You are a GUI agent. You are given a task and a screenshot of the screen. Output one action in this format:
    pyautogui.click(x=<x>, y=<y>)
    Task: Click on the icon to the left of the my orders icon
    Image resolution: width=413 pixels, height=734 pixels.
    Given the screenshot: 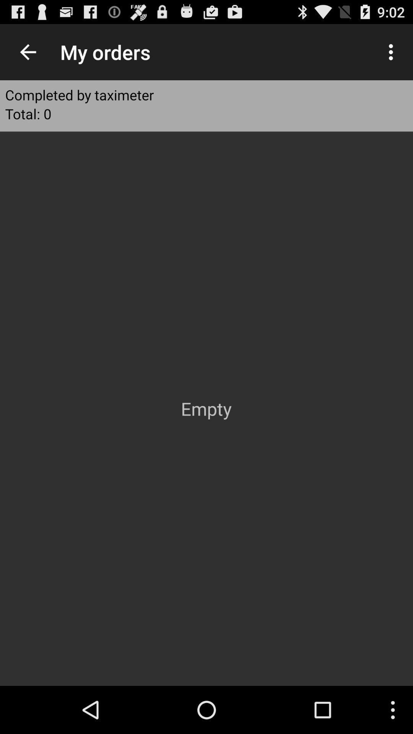 What is the action you would take?
    pyautogui.click(x=28, y=52)
    